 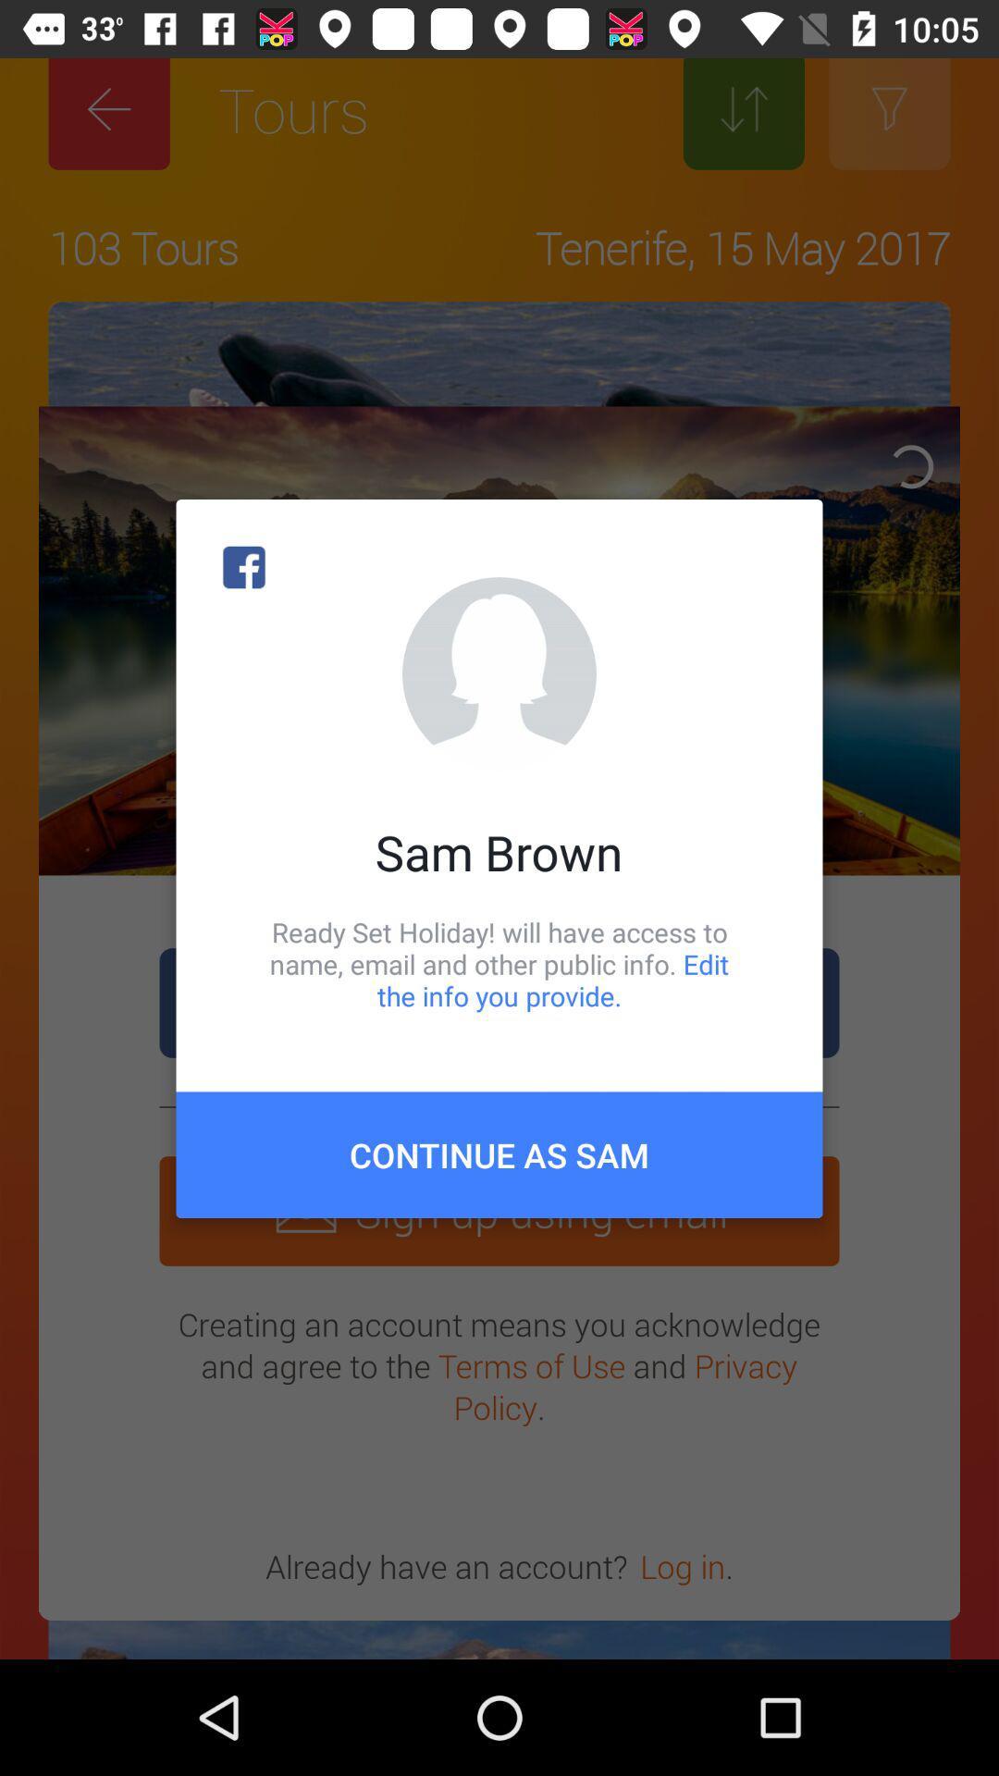 I want to click on ready set holiday, so click(x=499, y=963).